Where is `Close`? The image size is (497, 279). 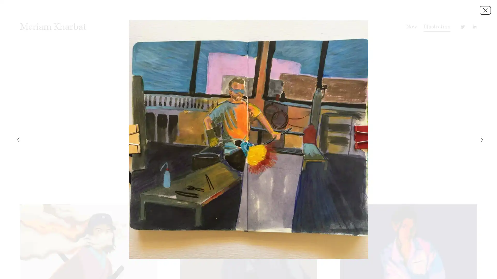
Close is located at coordinates (485, 10).